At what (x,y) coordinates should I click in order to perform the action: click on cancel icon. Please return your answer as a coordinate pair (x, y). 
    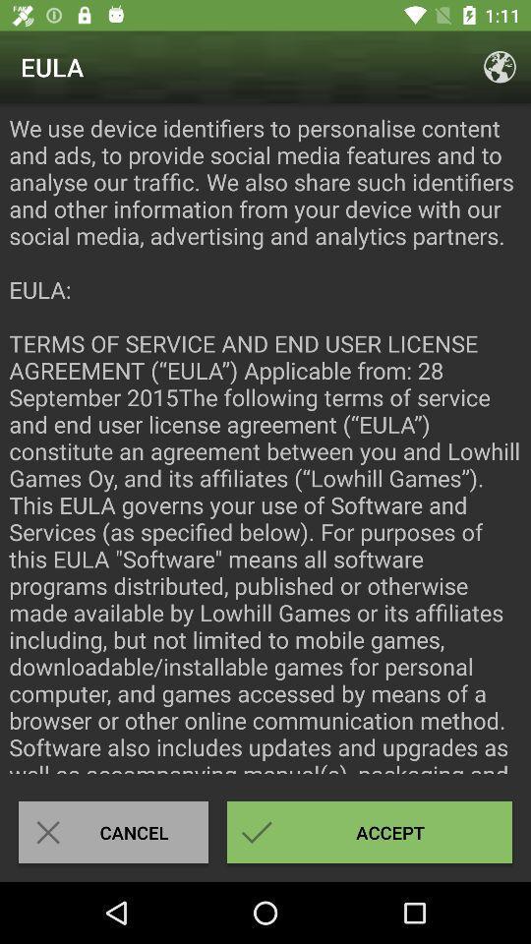
    Looking at the image, I should click on (113, 831).